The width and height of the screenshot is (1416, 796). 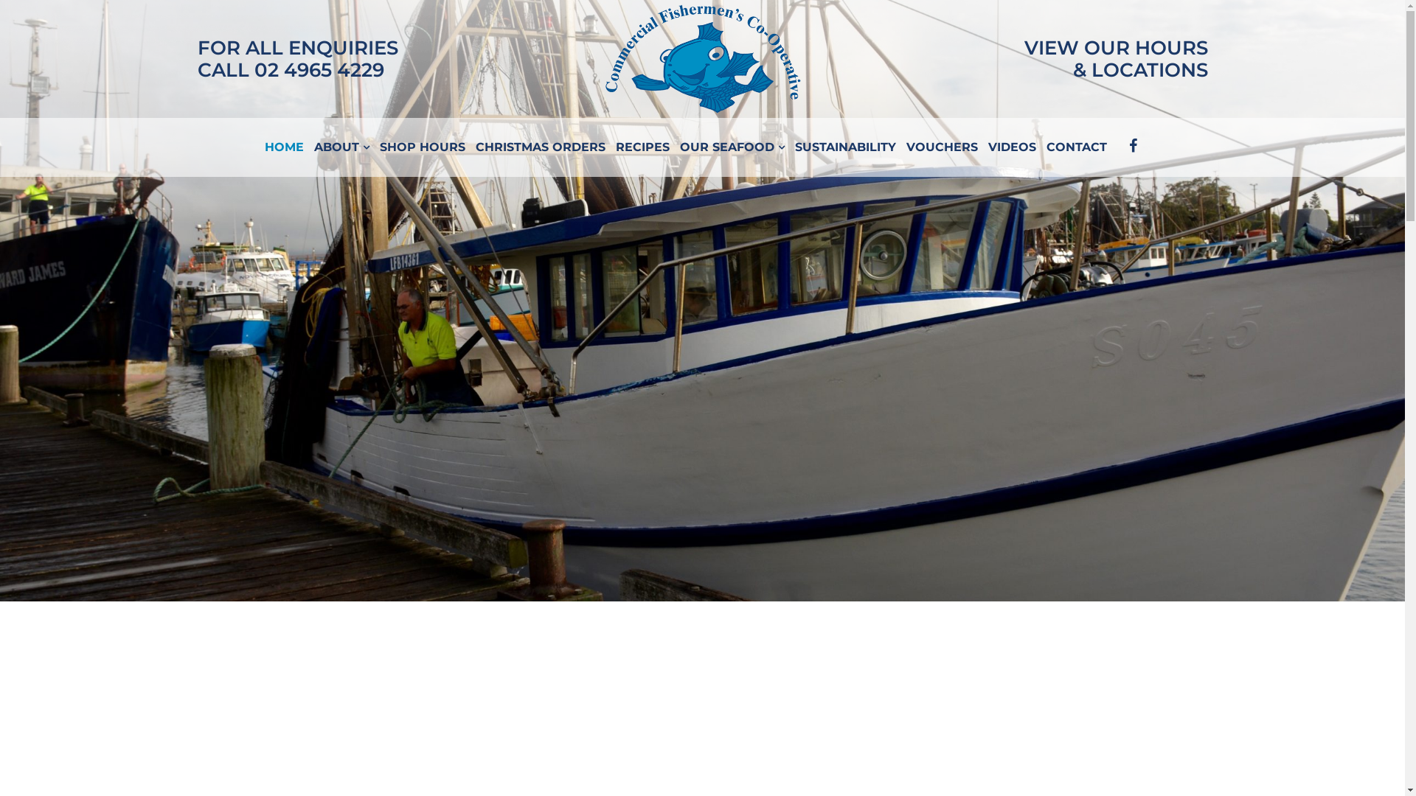 I want to click on 'OUR SEAFOOD', so click(x=732, y=147).